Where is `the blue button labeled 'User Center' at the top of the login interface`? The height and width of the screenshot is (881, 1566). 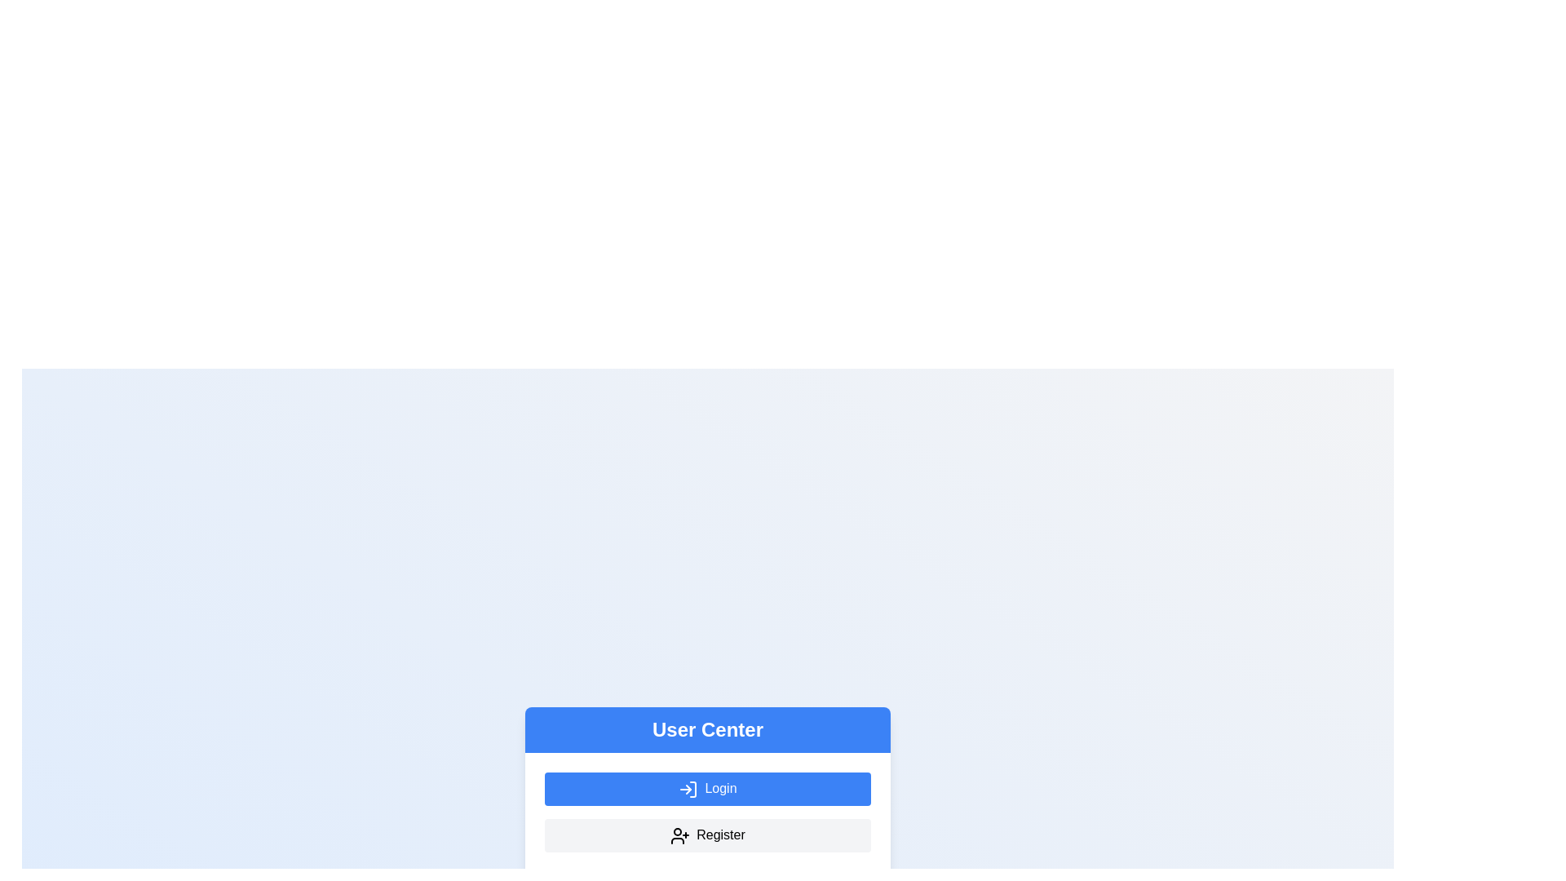 the blue button labeled 'User Center' at the top of the login interface is located at coordinates (708, 728).